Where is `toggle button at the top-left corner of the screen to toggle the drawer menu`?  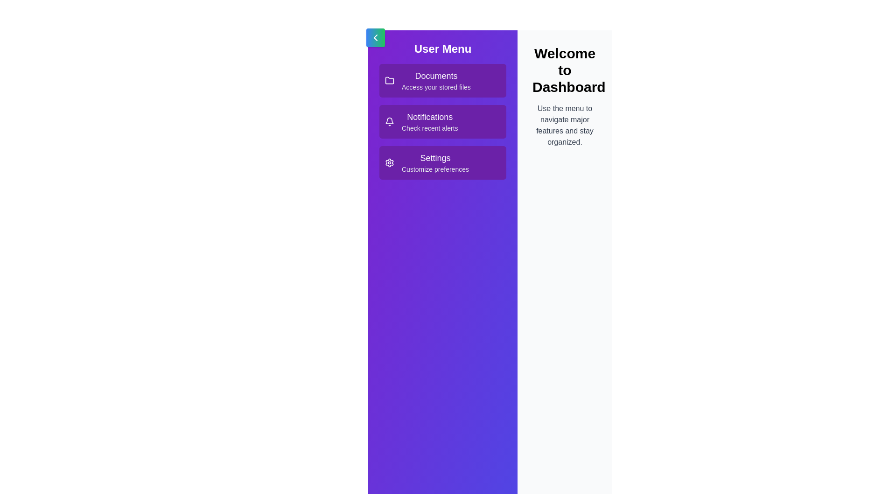
toggle button at the top-left corner of the screen to toggle the drawer menu is located at coordinates (376, 37).